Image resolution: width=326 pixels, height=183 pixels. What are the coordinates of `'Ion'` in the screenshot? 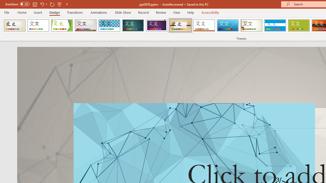 It's located at (133, 25).